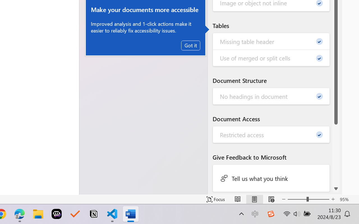  What do you see at coordinates (271, 178) in the screenshot?
I see `'Tell us what you think - 1'` at bounding box center [271, 178].